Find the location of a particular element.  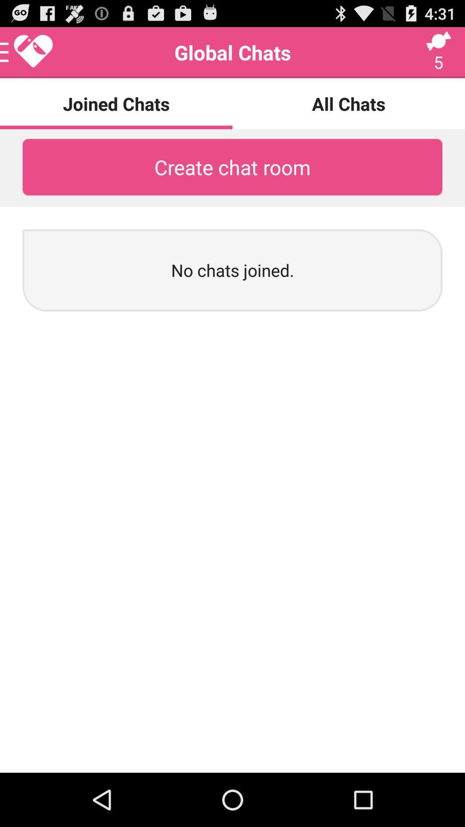

the icon above no chats joined. icon is located at coordinates (232, 167).